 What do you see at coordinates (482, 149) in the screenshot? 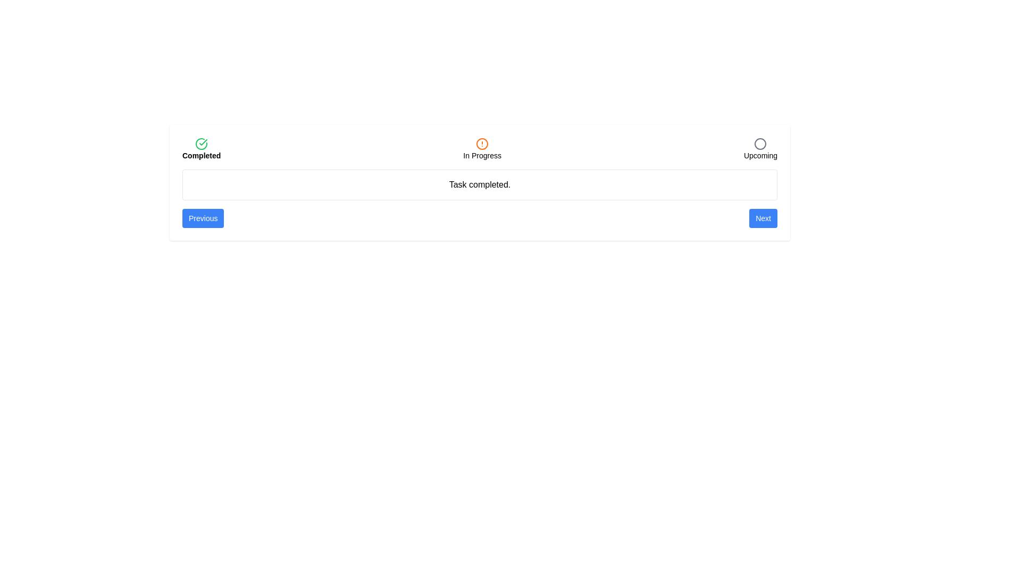
I see `the Status Indicator, which features an orange circular icon with an exclamation mark and the text 'In Progress'` at bounding box center [482, 149].